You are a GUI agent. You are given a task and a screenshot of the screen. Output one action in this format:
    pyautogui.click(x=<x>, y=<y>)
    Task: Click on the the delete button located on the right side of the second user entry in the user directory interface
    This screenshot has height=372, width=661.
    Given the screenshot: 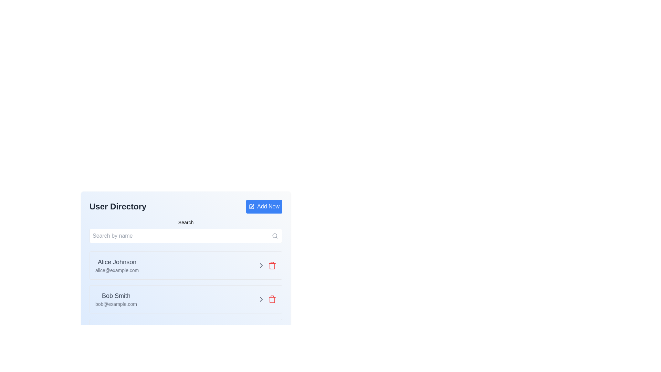 What is the action you would take?
    pyautogui.click(x=272, y=265)
    